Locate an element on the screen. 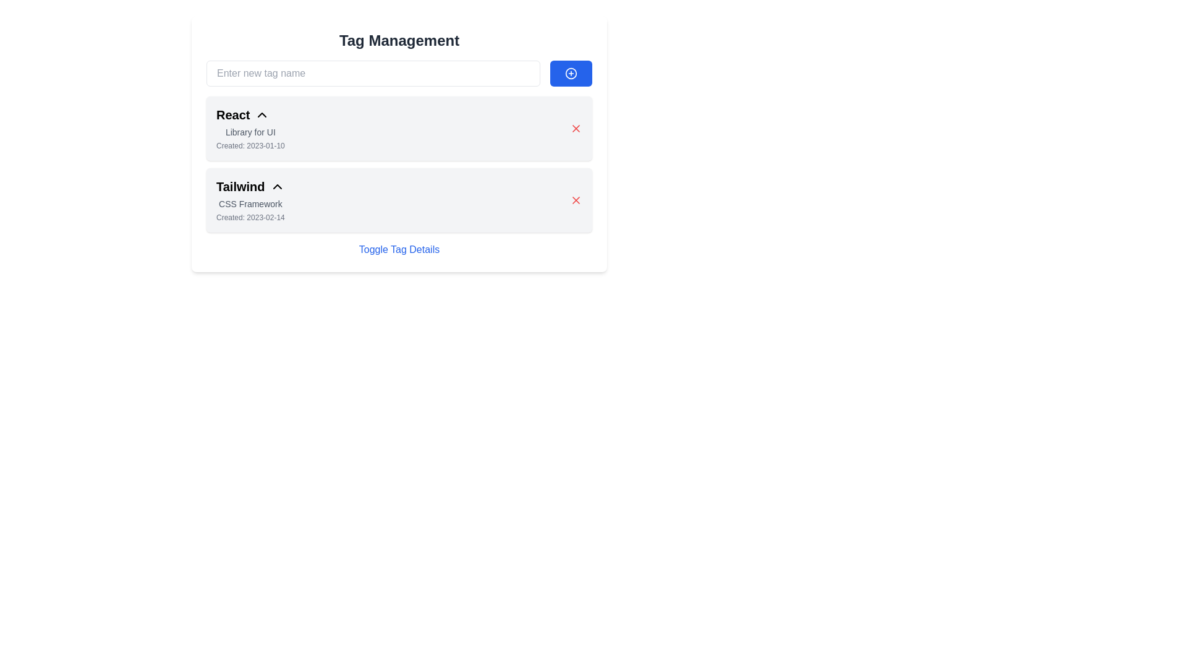 The image size is (1187, 668). the Label displaying 'Created: 2023-01-10', which is positioned below the 'Library for UI' text in the 'React' section is located at coordinates (250, 145).